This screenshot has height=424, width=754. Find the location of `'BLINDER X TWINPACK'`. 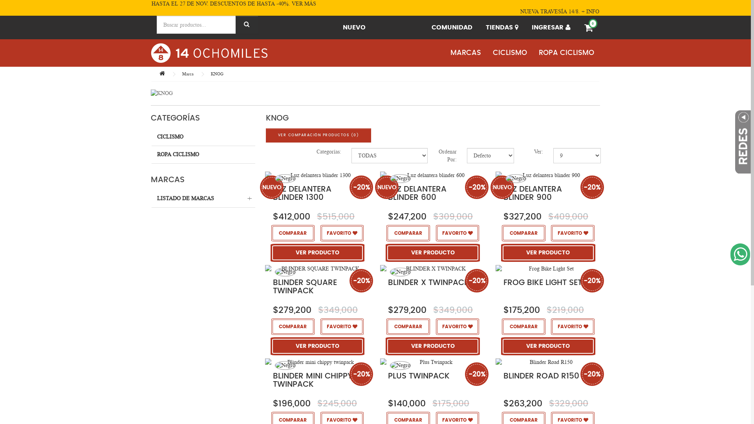

'BLINDER X TWINPACK' is located at coordinates (432, 268).